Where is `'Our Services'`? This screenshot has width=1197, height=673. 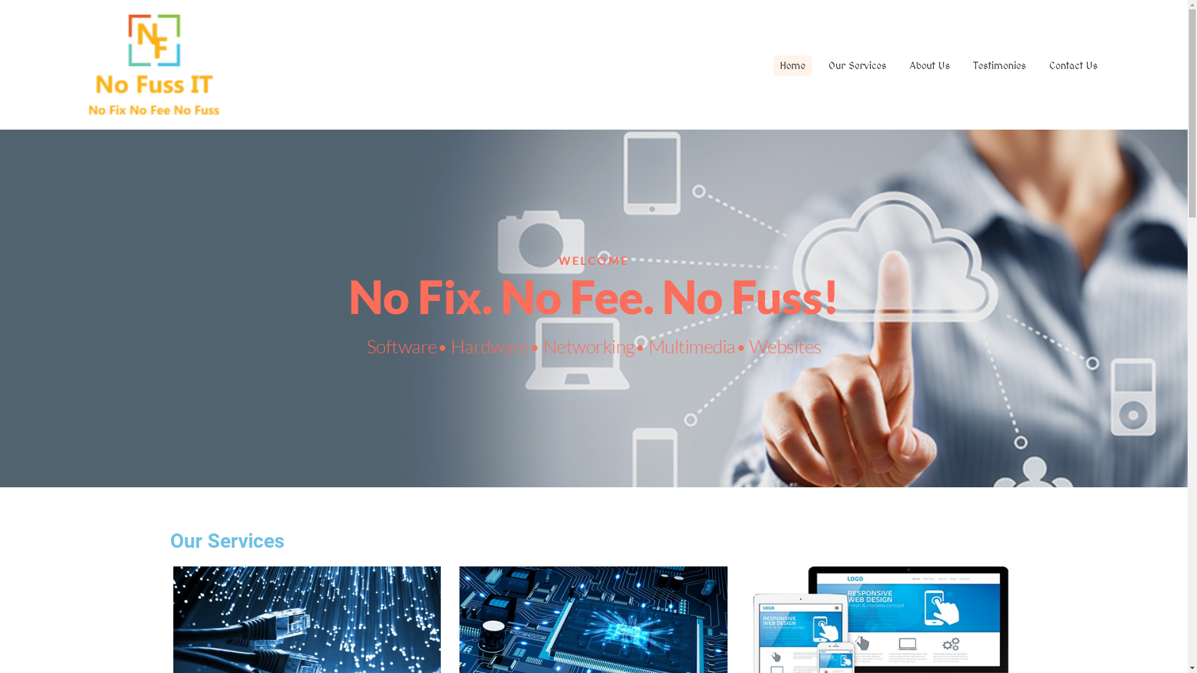 'Our Services' is located at coordinates (857, 65).